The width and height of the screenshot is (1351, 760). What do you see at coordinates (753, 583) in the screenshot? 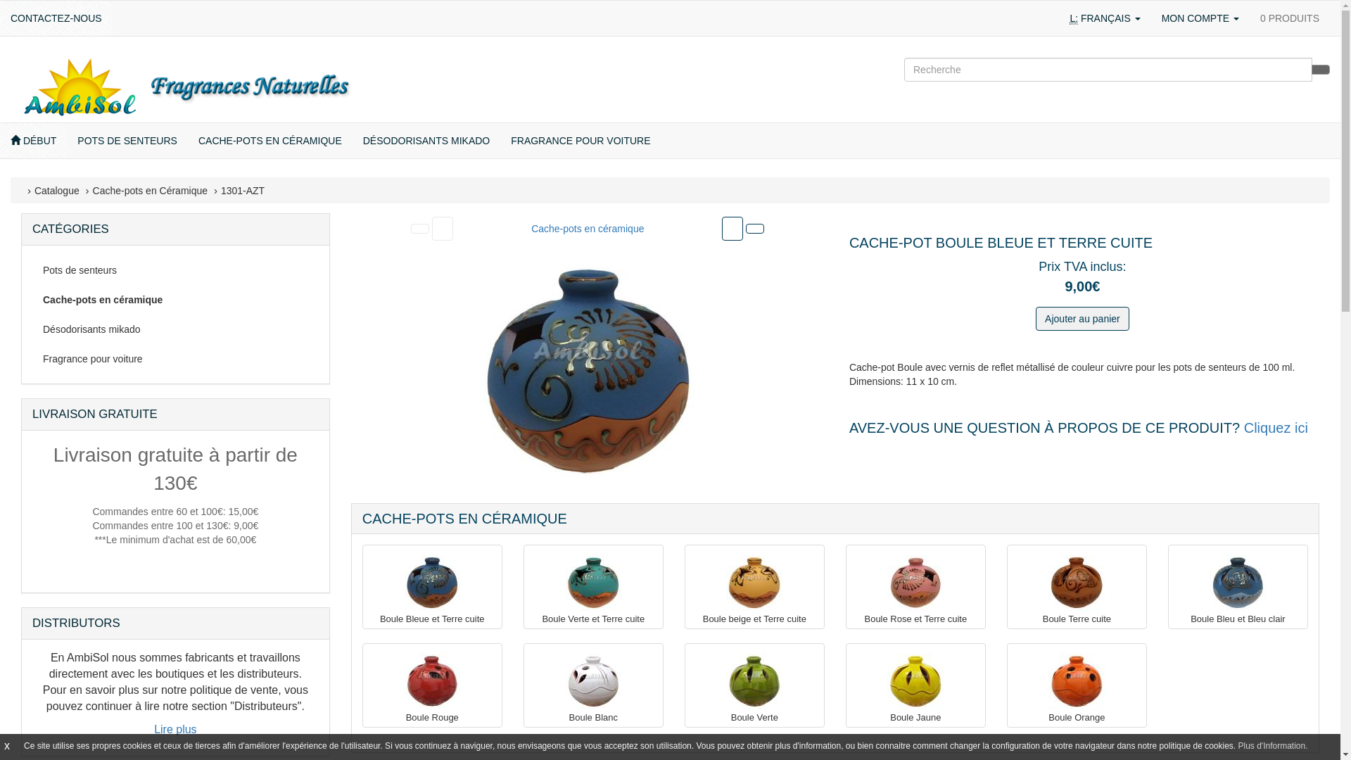
I see `'Boule beige et Terre cuite'` at bounding box center [753, 583].